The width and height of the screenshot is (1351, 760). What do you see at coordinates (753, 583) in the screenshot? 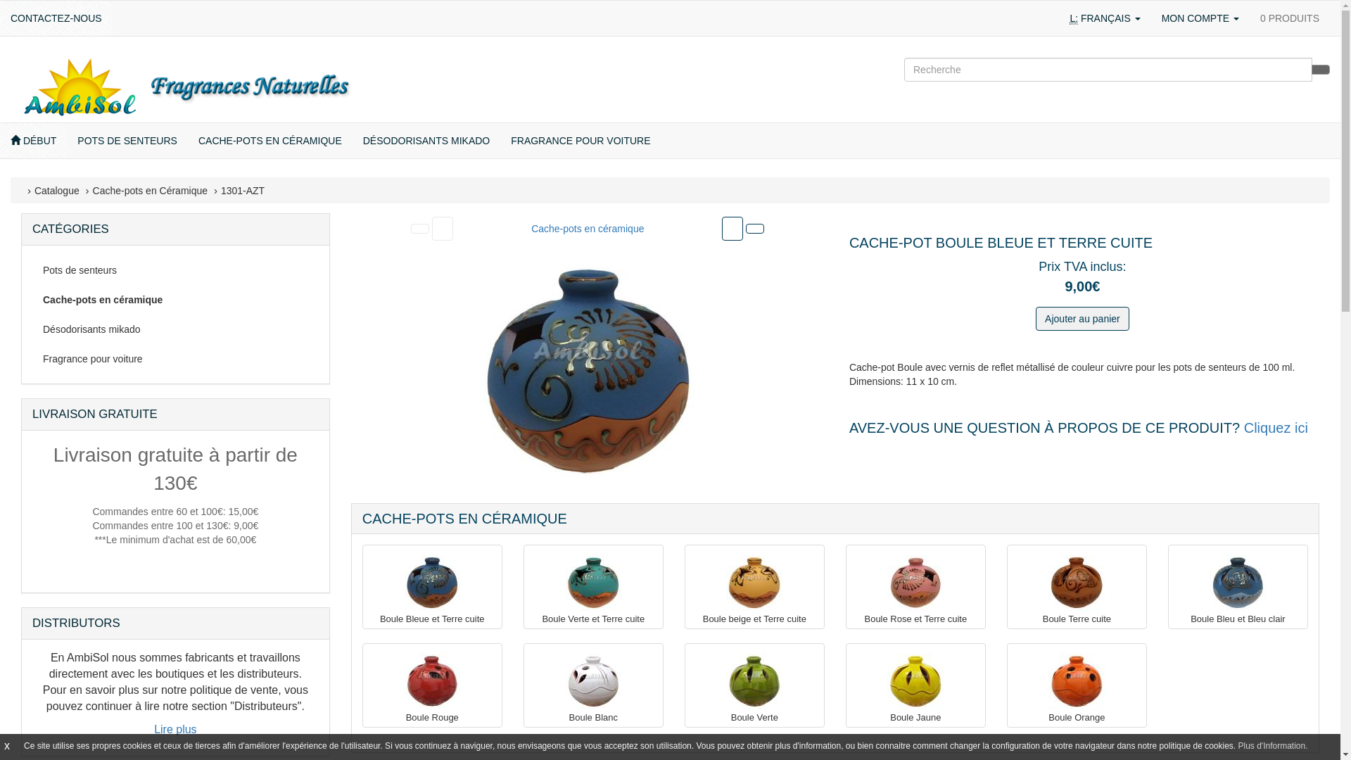
I see `'Boule beige et Terre cuite'` at bounding box center [753, 583].